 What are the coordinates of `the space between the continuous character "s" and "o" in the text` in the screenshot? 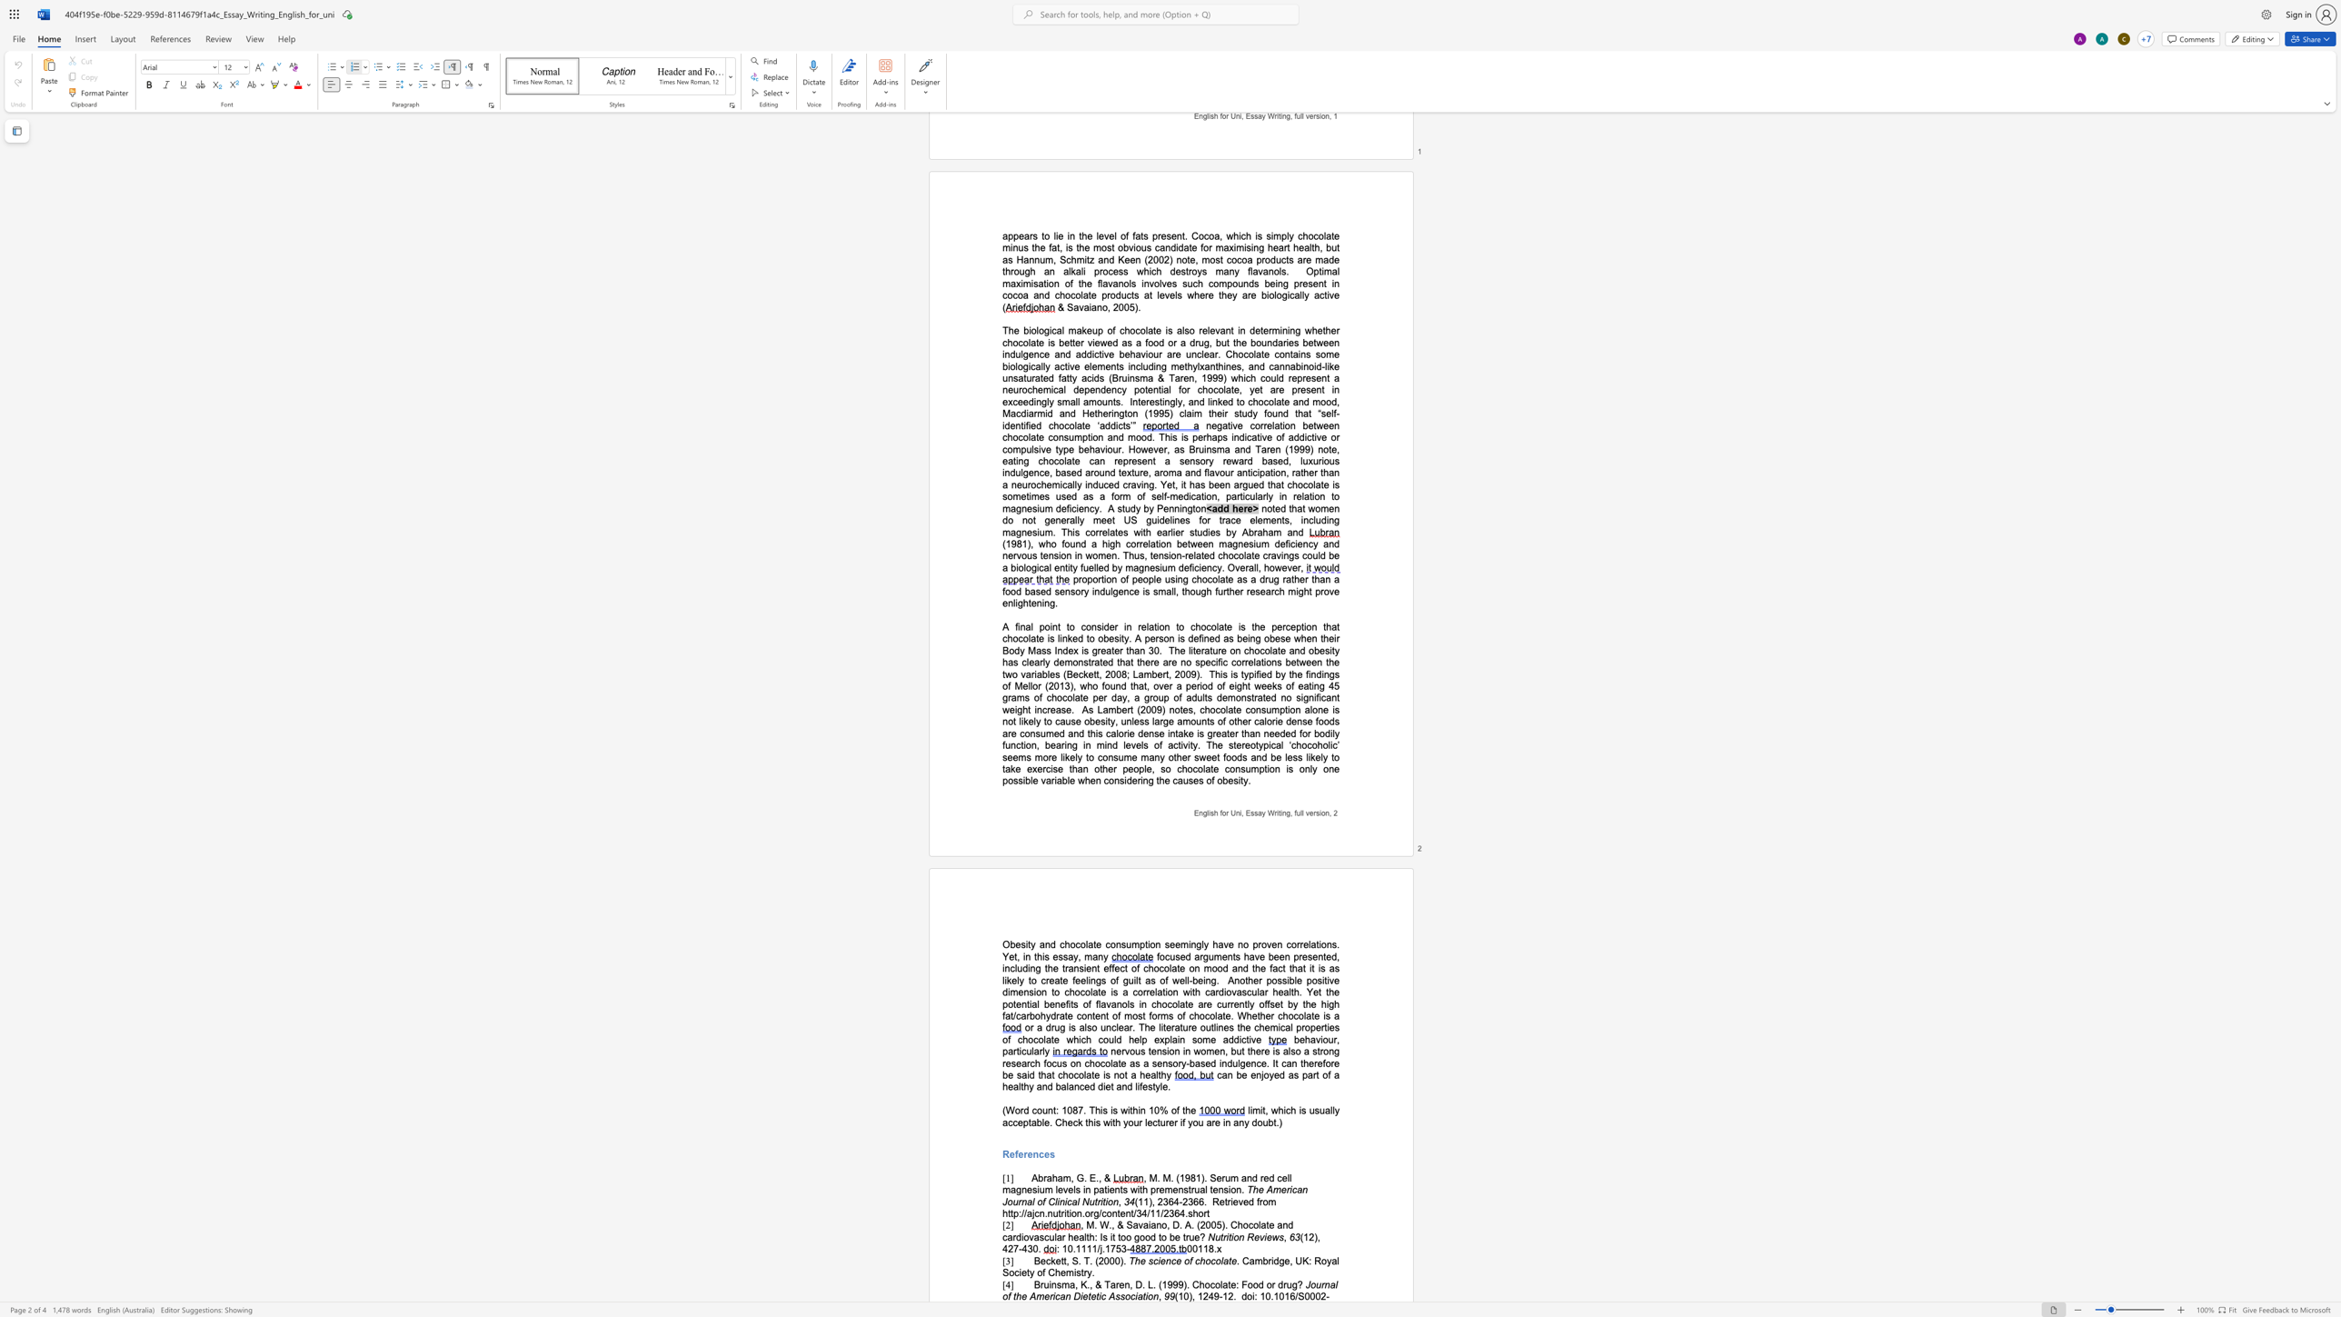 It's located at (1124, 1296).